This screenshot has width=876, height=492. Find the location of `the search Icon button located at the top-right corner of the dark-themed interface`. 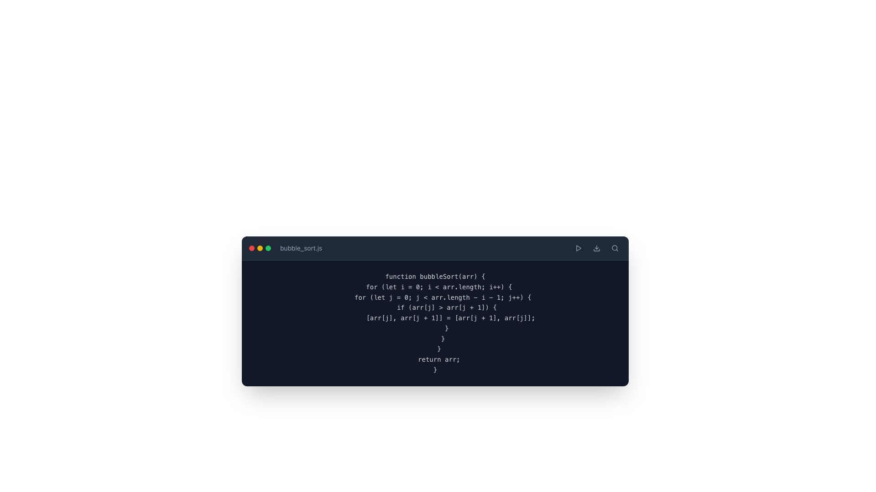

the search Icon button located at the top-right corner of the dark-themed interface is located at coordinates (615, 248).